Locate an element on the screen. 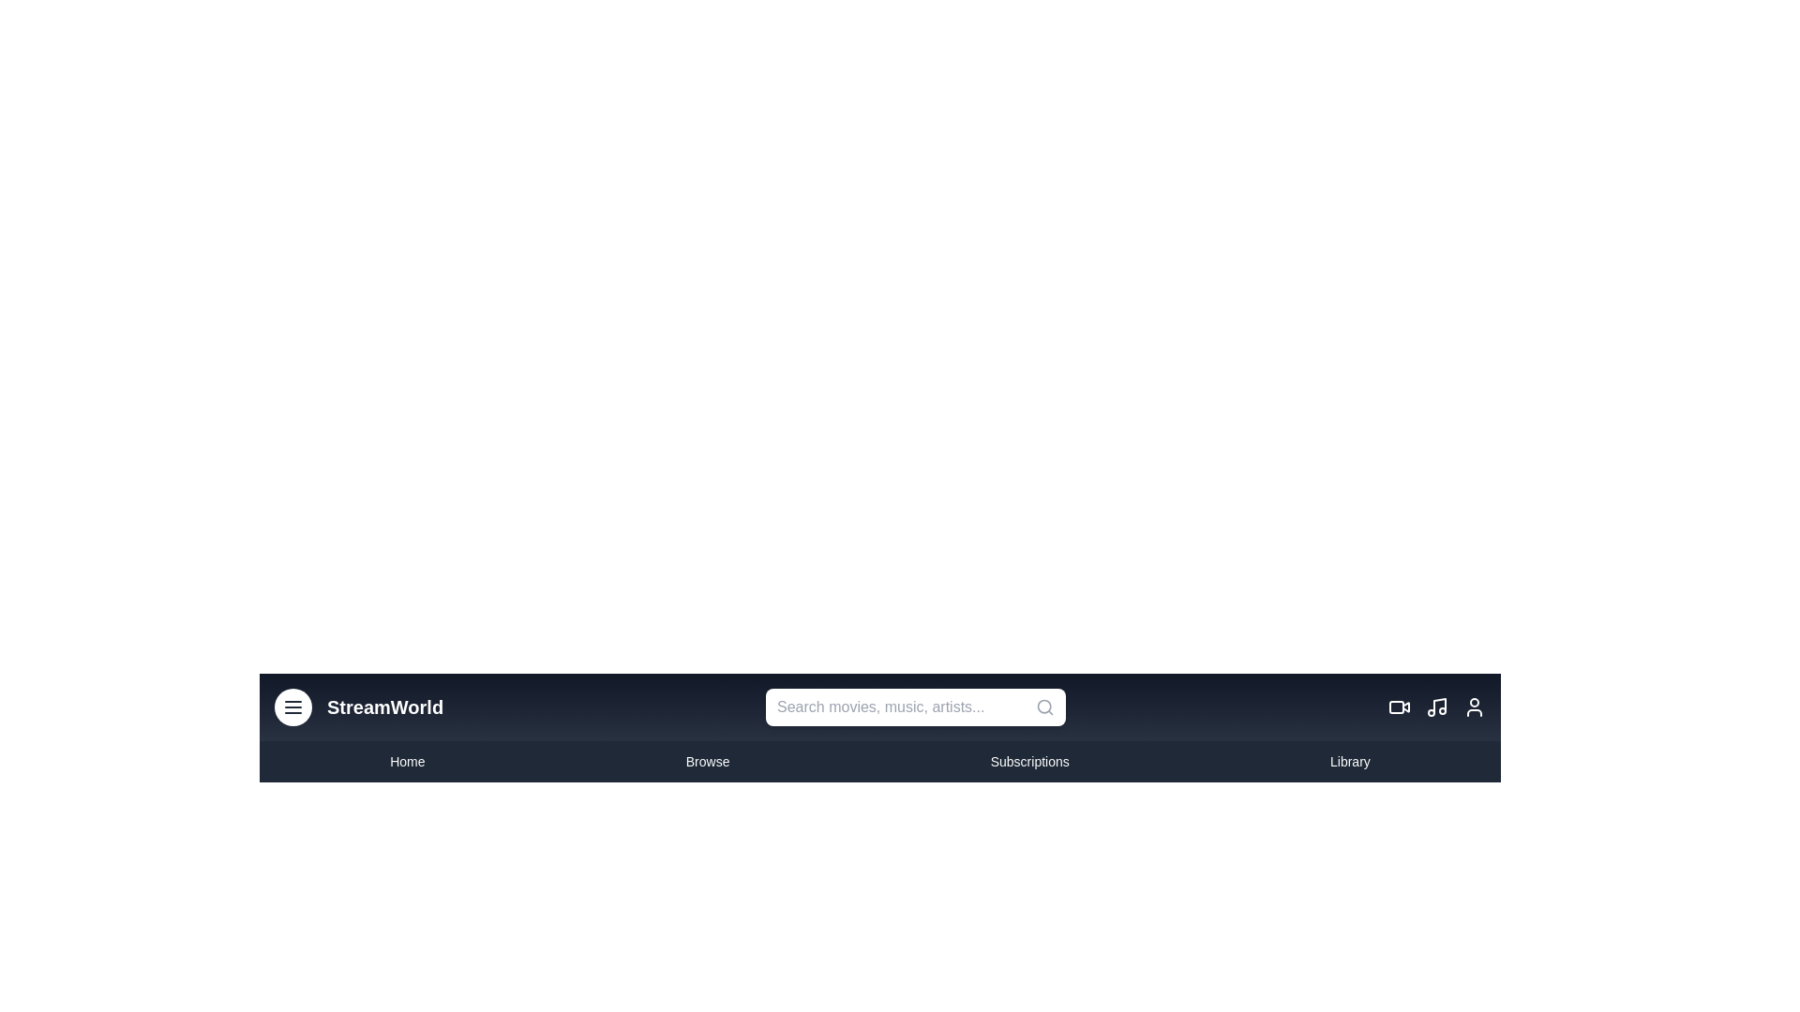  the music icon to access music-related features is located at coordinates (1435, 707).